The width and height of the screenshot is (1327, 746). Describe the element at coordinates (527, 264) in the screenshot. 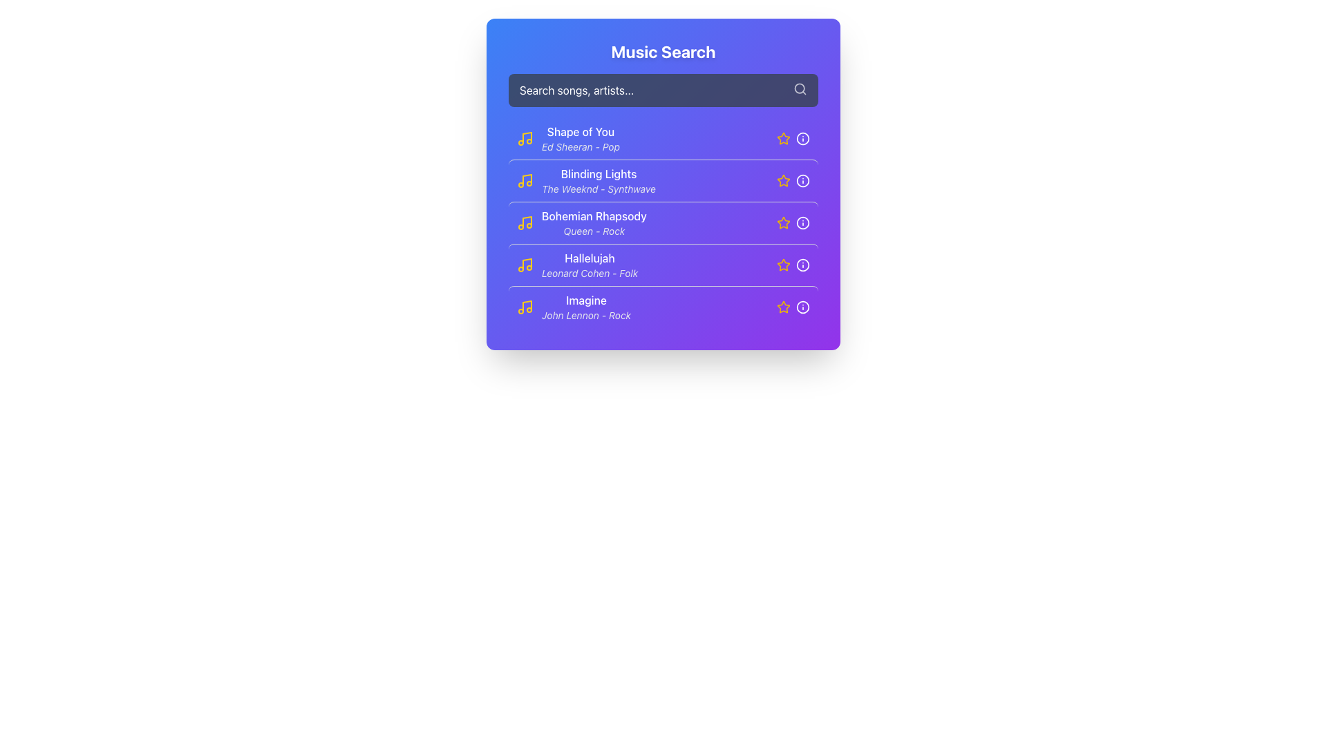

I see `the decorative vector graphic within the music note icon representing the 'Hallelujah' song entry, located leftmost in the fourth row of the list` at that location.